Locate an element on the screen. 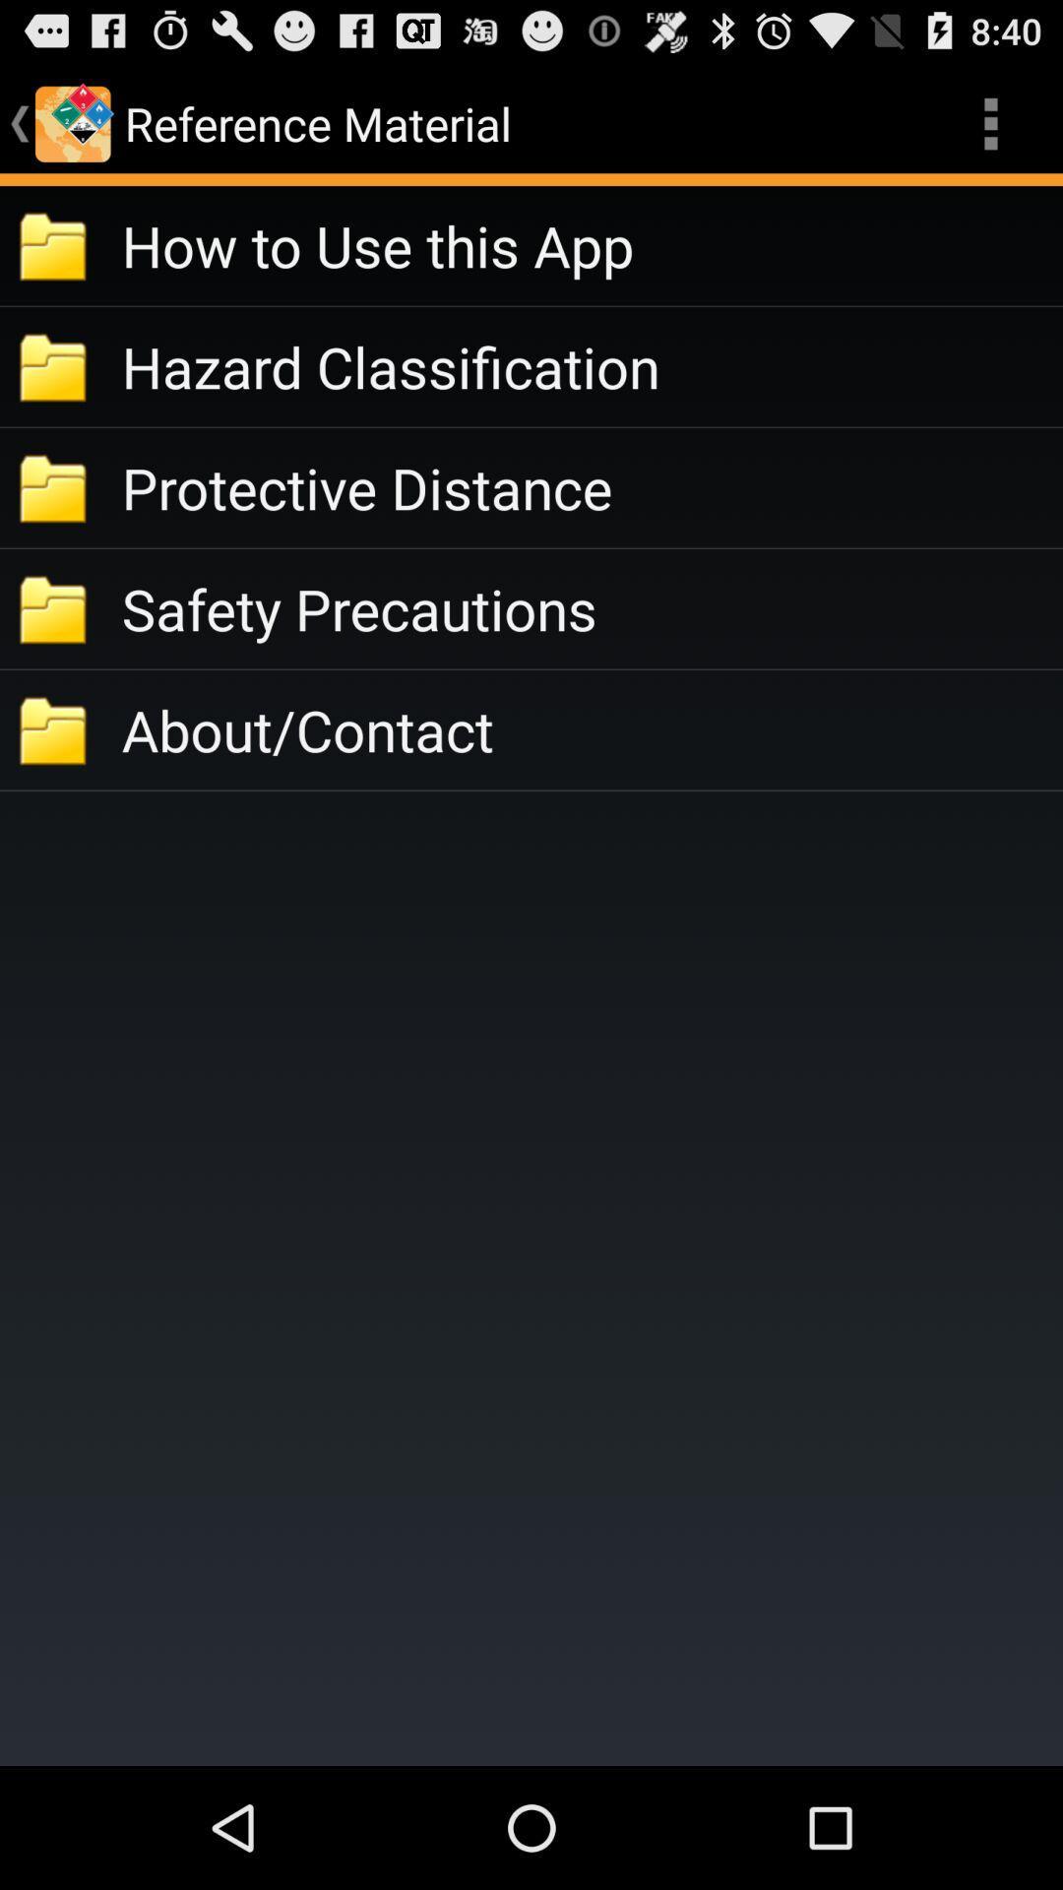 The image size is (1063, 1890). the item at the top right corner is located at coordinates (990, 122).